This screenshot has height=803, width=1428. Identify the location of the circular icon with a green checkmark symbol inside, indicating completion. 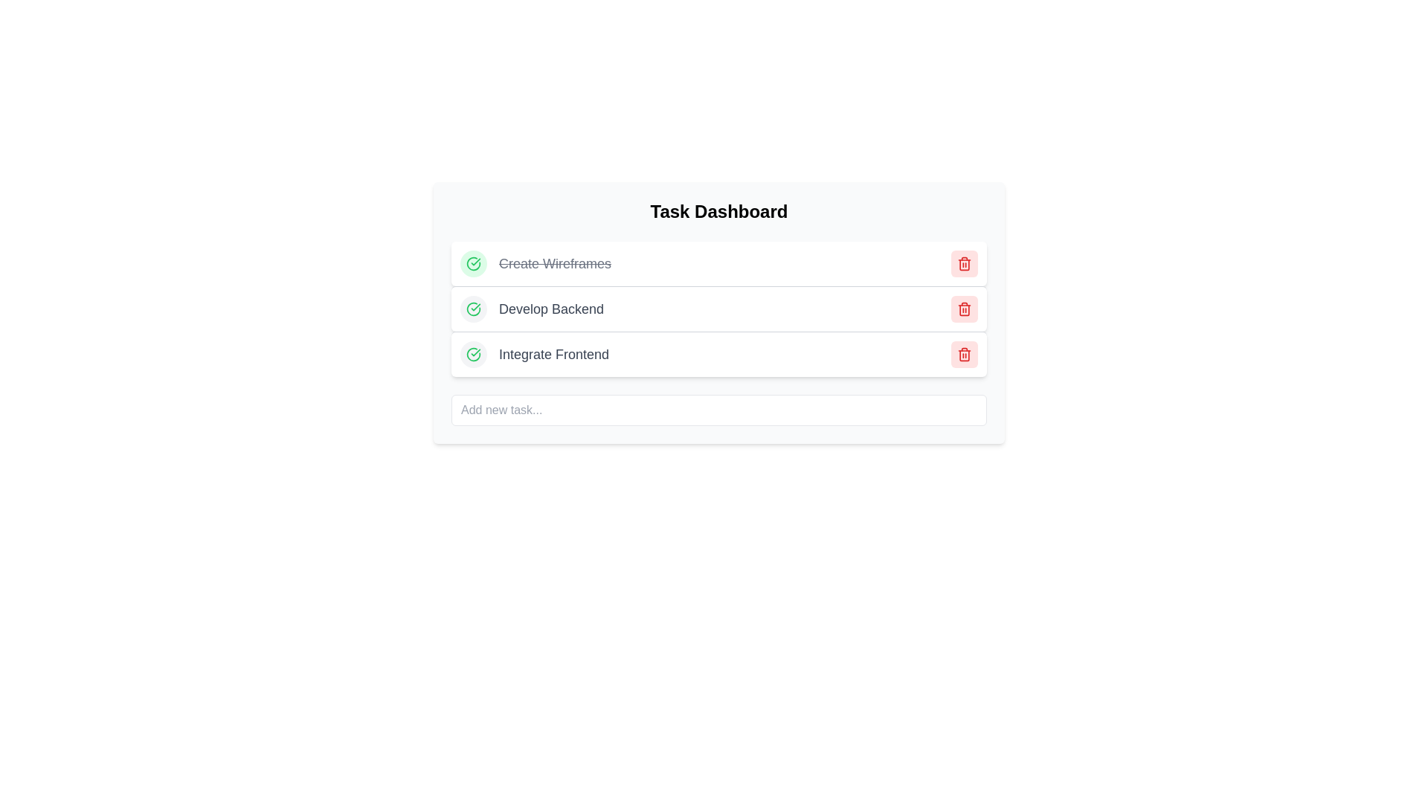
(473, 262).